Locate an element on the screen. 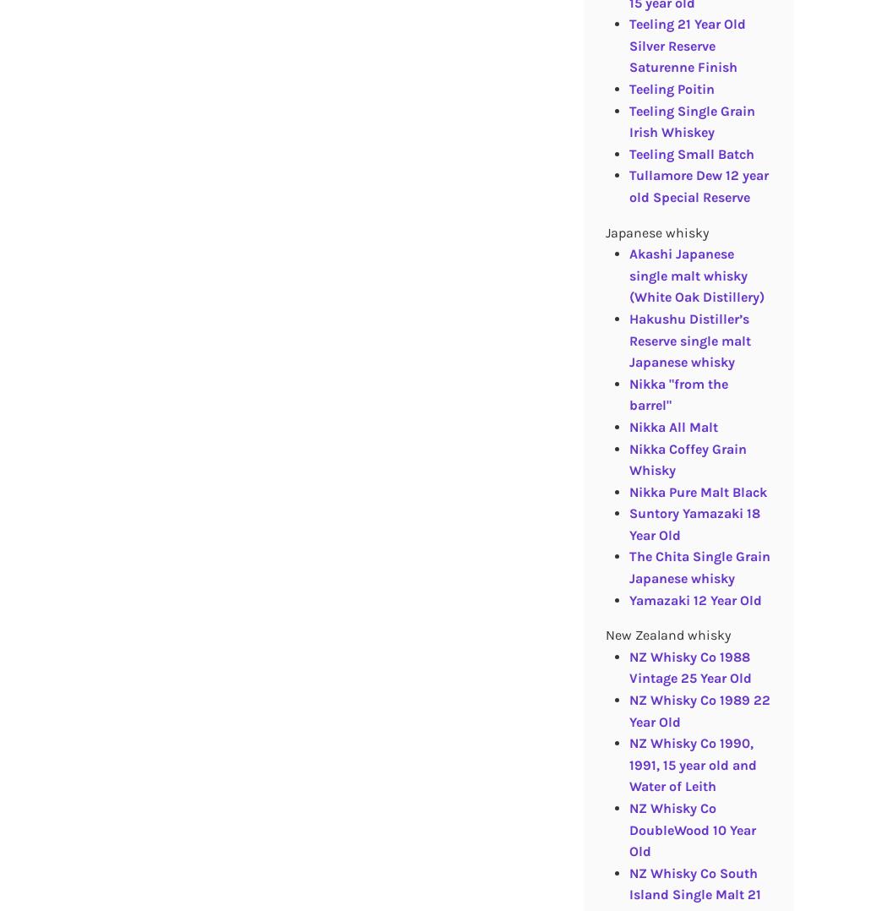 The image size is (887, 911). 'NZ Whisky Co 1988 Vintage 25 Year Old' is located at coordinates (688, 666).